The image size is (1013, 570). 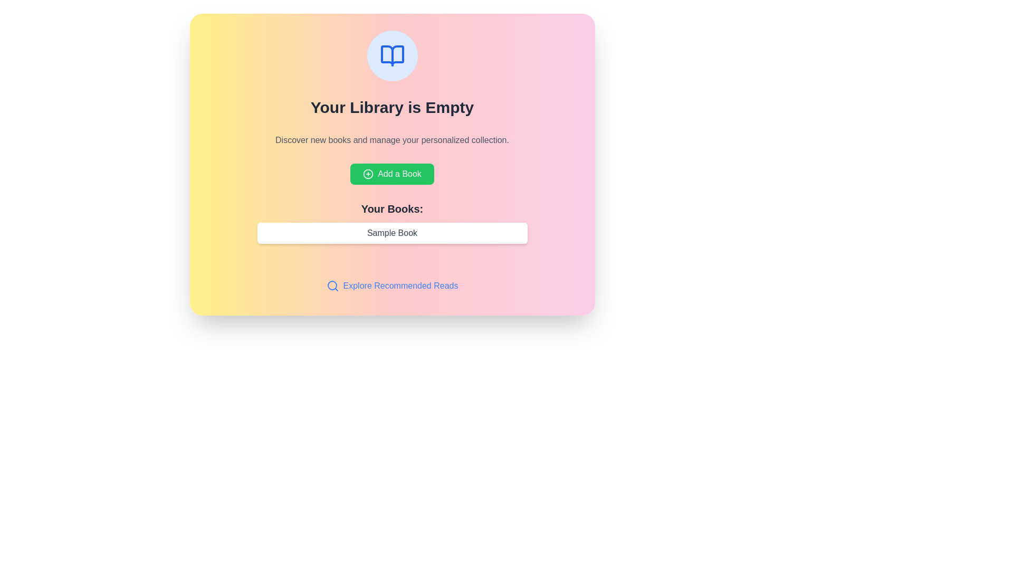 What do you see at coordinates (391, 140) in the screenshot?
I see `the text element that reads 'Discover new books and manage your personalized collection.' which is gray, center-aligned, and located on a multi-colored gradient background, positioned below 'Your Library is Empty' and above the 'Add a Book' button` at bounding box center [391, 140].